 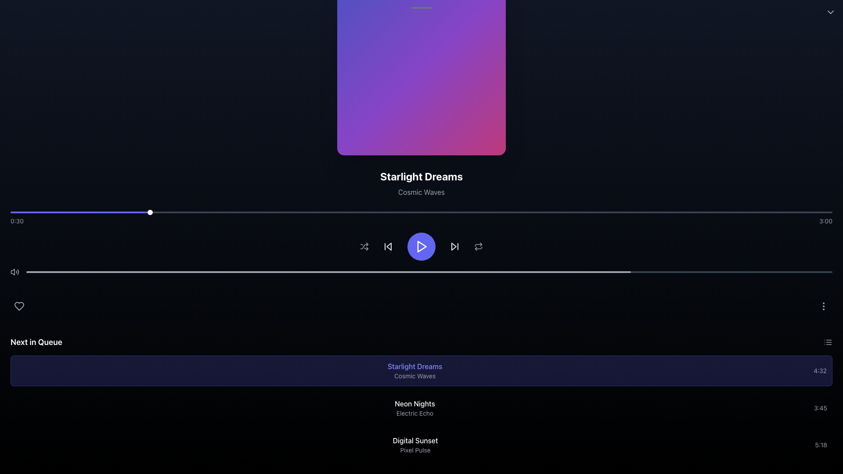 I want to click on the heart-shaped icon used for marking a song as liked or a favorite, so click(x=19, y=306).